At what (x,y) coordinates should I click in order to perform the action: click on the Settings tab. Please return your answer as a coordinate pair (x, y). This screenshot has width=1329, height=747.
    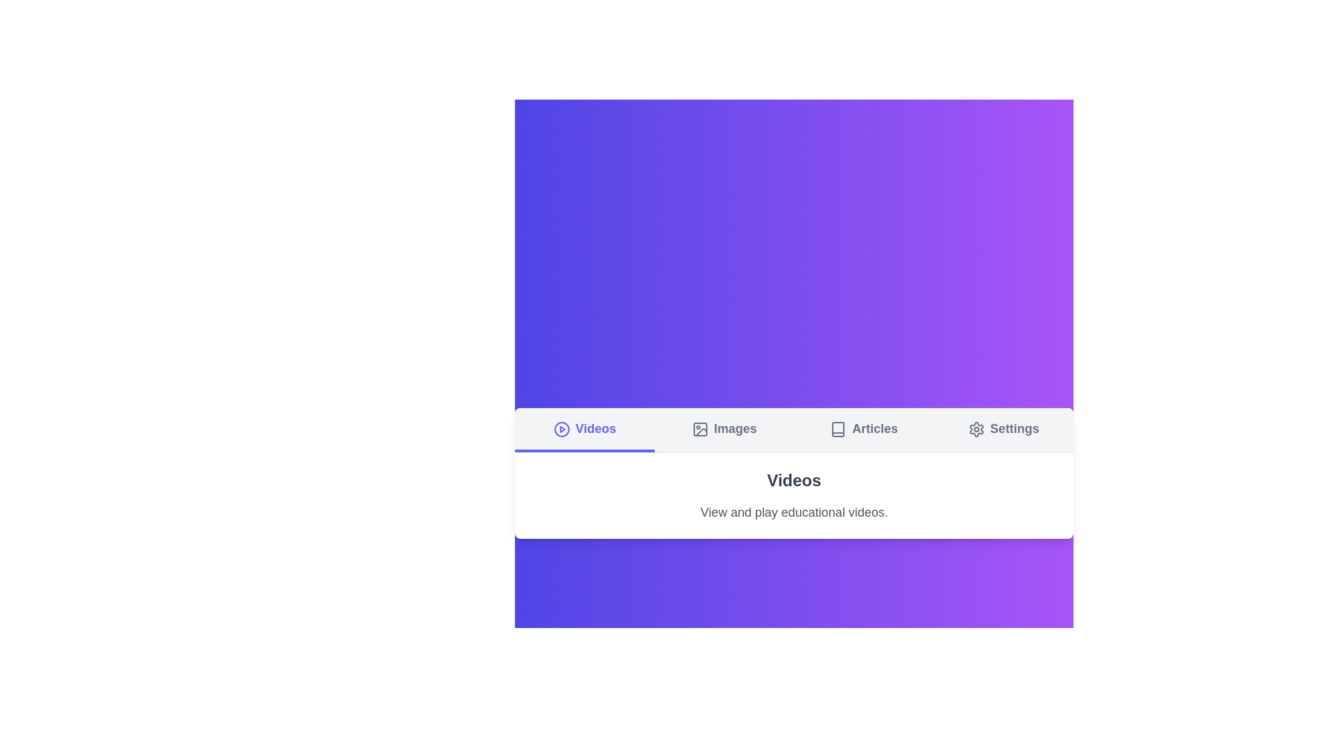
    Looking at the image, I should click on (1004, 429).